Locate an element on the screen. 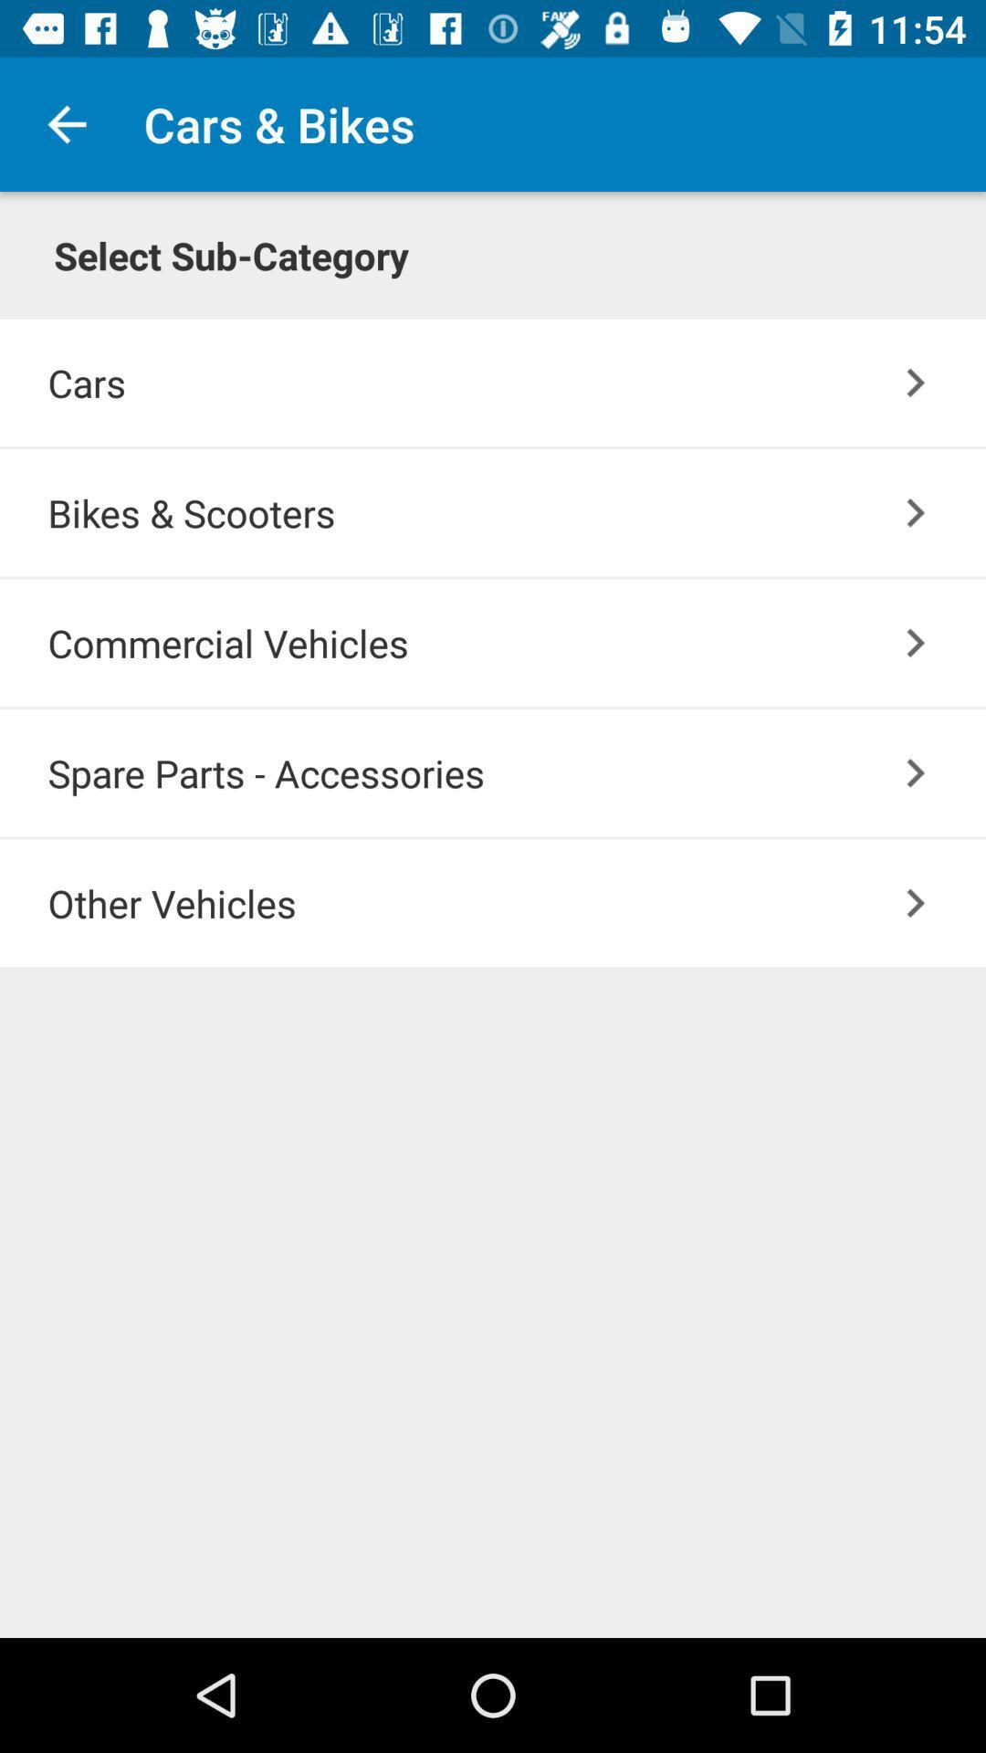  the other vehicles item is located at coordinates (517, 903).